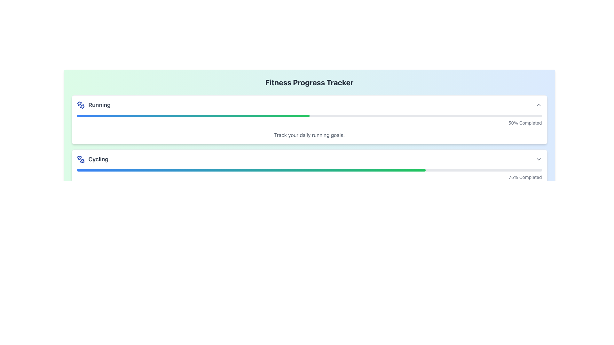  I want to click on completion percentage of the second Progress Bar Segment located in the 'Cycling' section, which visually indicates task progress, so click(251, 170).